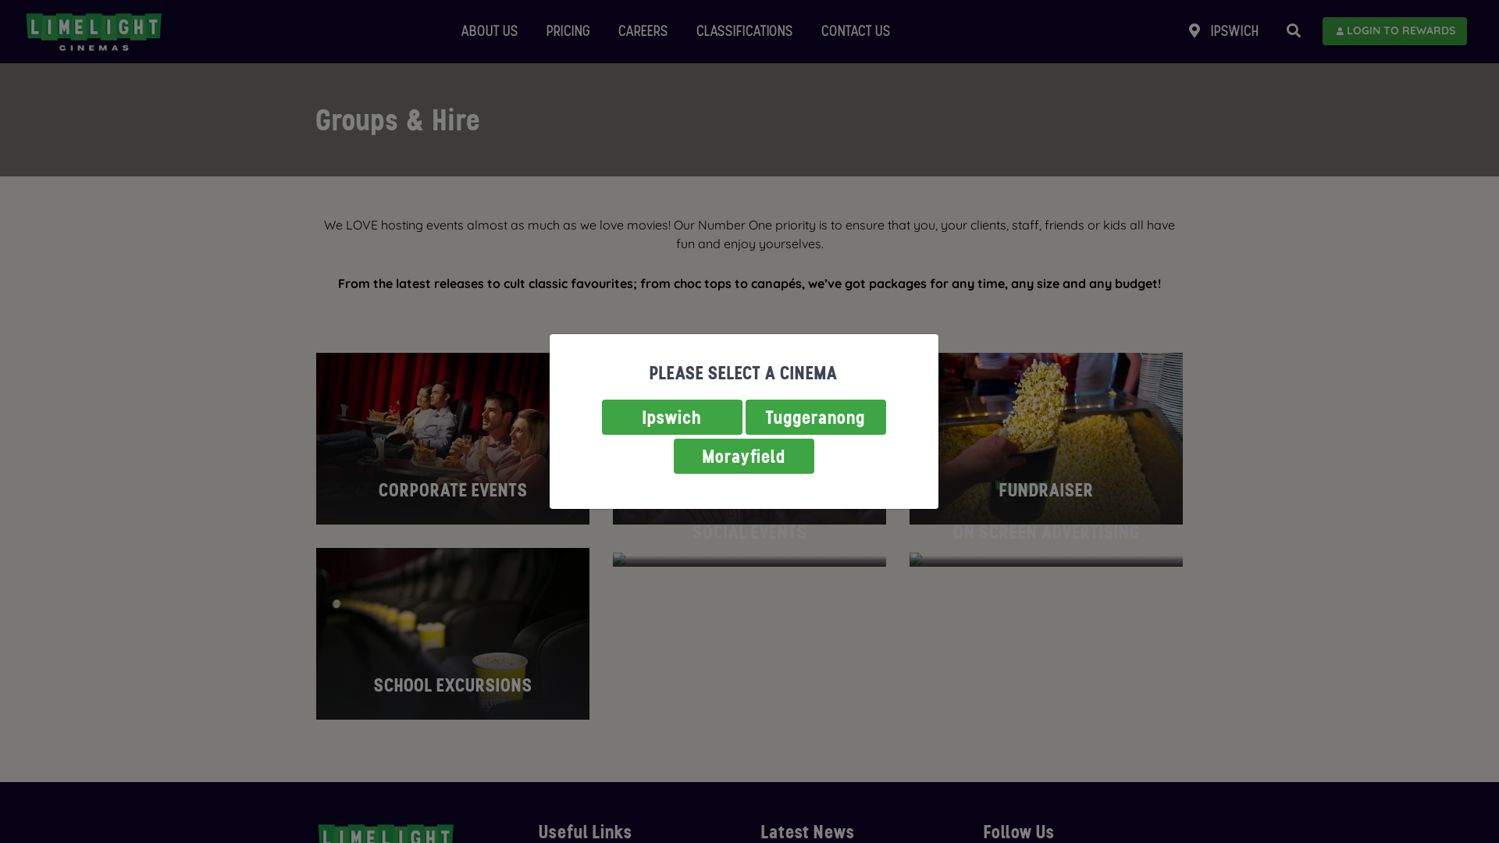 The height and width of the screenshot is (843, 1499). What do you see at coordinates (855, 31) in the screenshot?
I see `'CONTACT US'` at bounding box center [855, 31].